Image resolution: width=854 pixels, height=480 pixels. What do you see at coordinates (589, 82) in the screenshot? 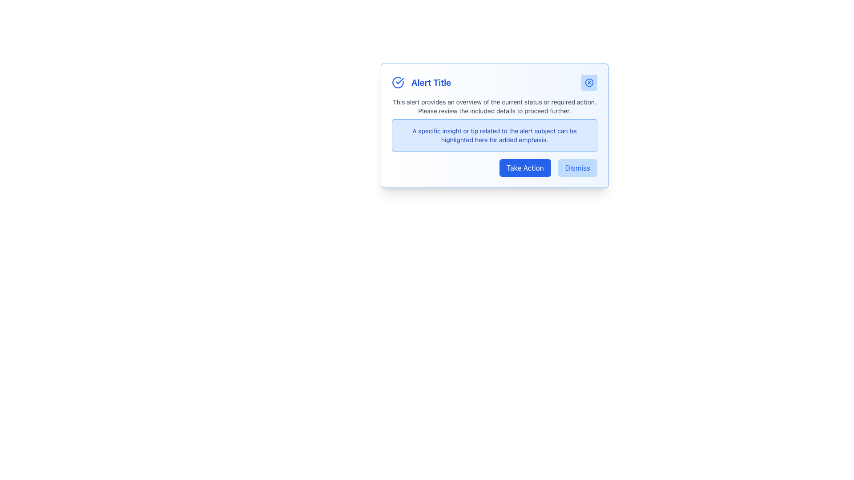
I see `the SVG circle element that serves as the dismiss button for the notification box, located at the upper-right corner of the notification box` at bounding box center [589, 82].